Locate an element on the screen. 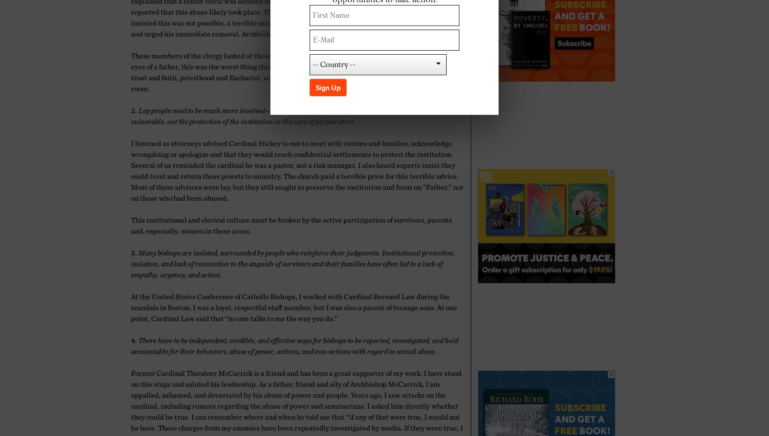 Image resolution: width=769 pixels, height=436 pixels. '3.' is located at coordinates (135, 252).